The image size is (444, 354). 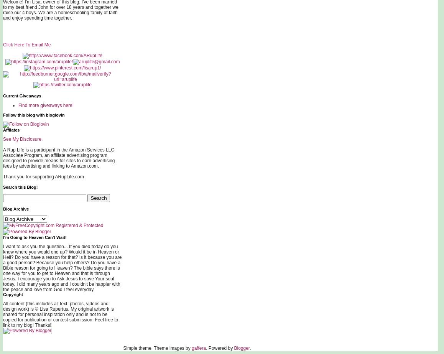 I want to click on 'Thank you for supporting ARupLife.com', so click(x=43, y=177).